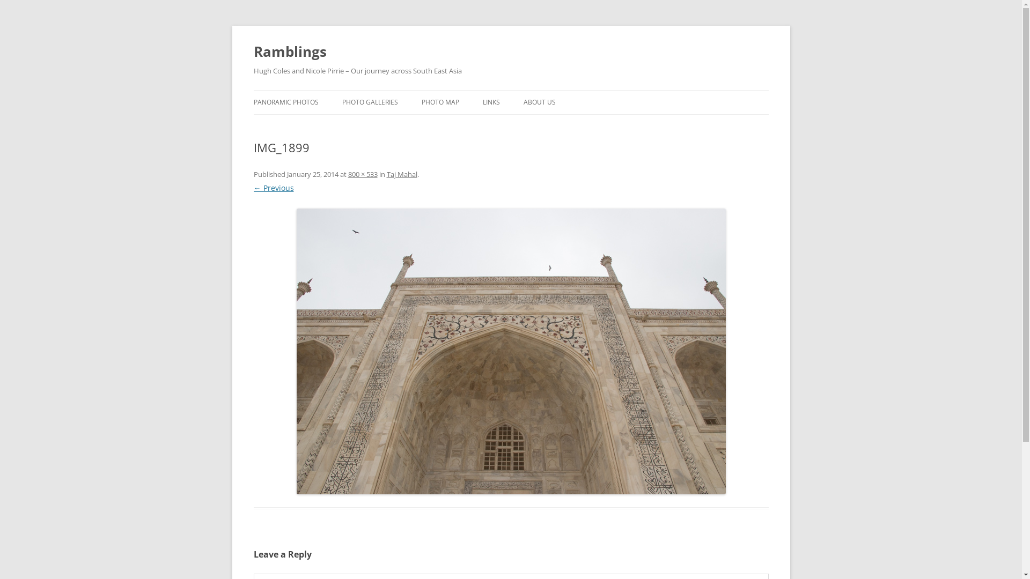 This screenshot has height=579, width=1030. I want to click on 'IMG_1899', so click(510, 351).